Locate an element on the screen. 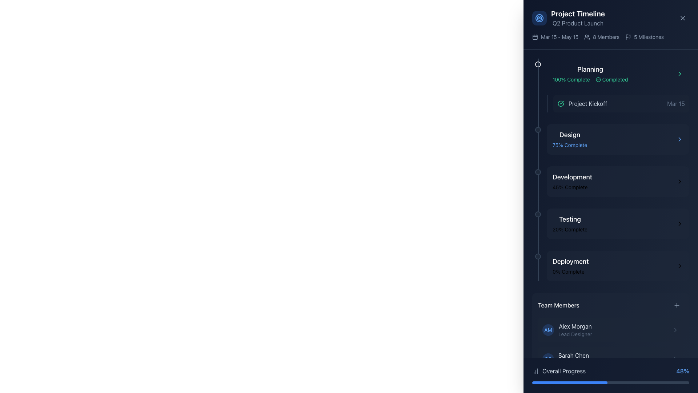 This screenshot has height=393, width=698. the completion status icon located to the left of the text 'Completed' within the 'Planning' milestone in the upper section of the milestone timeline interface is located at coordinates (598, 80).